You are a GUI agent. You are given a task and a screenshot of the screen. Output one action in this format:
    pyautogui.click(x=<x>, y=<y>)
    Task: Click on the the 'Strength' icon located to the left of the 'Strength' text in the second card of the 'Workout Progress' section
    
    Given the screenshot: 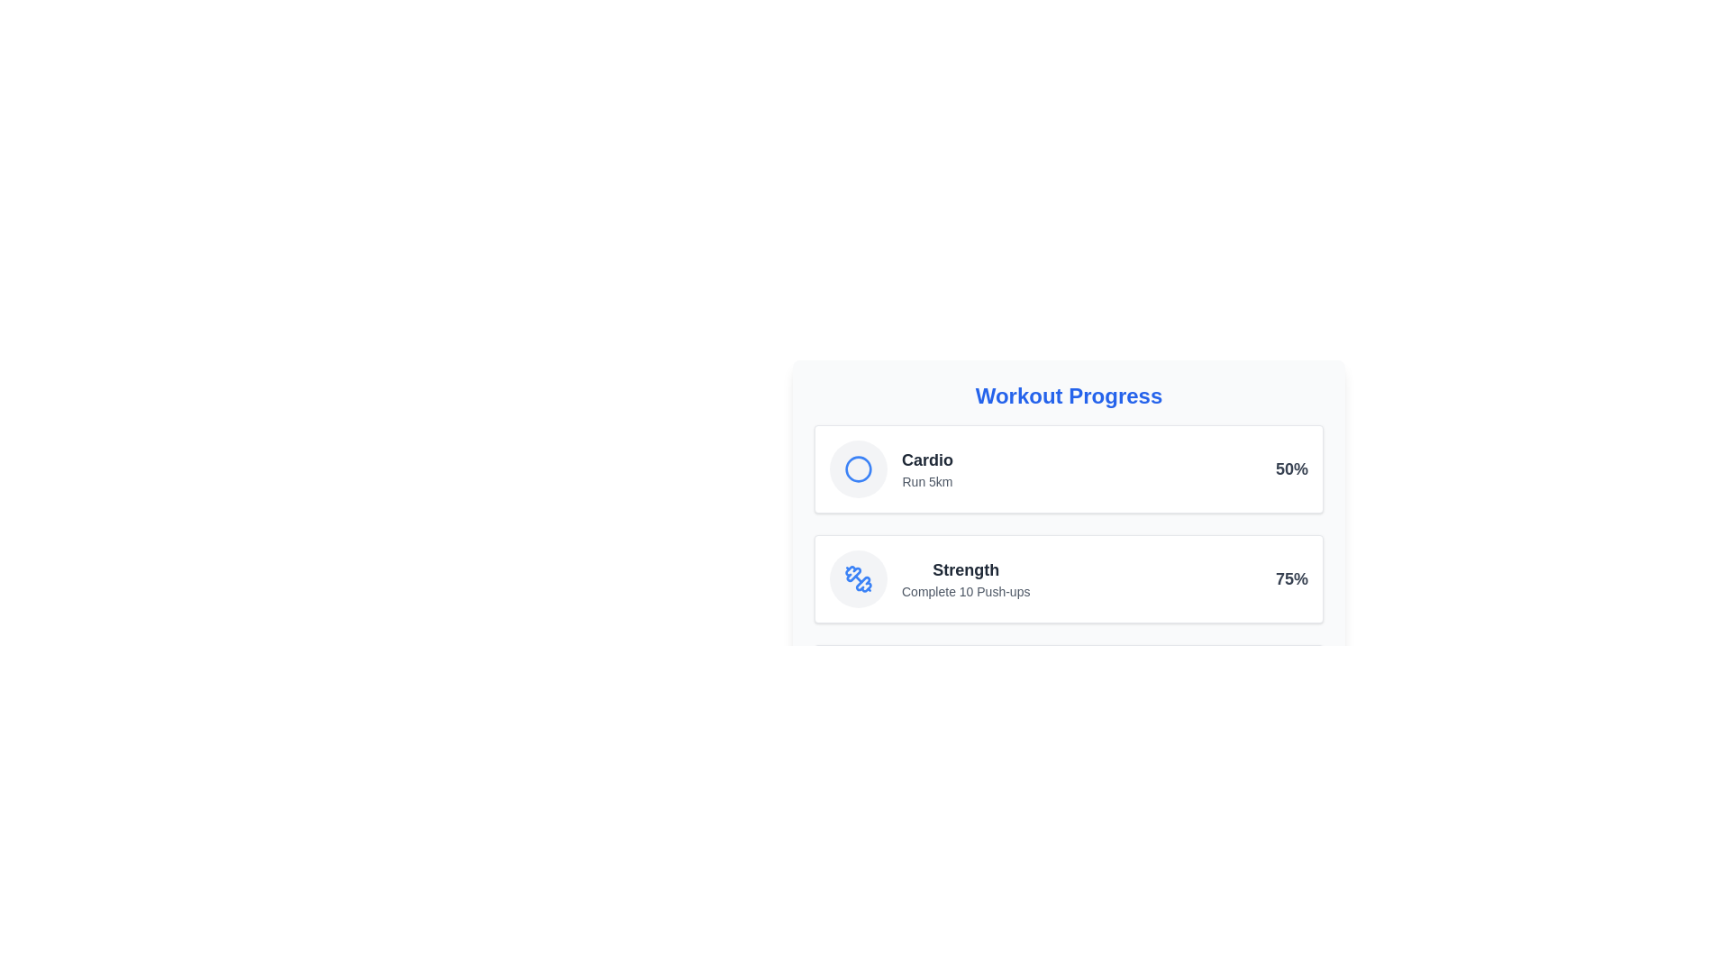 What is the action you would take?
    pyautogui.click(x=858, y=579)
    